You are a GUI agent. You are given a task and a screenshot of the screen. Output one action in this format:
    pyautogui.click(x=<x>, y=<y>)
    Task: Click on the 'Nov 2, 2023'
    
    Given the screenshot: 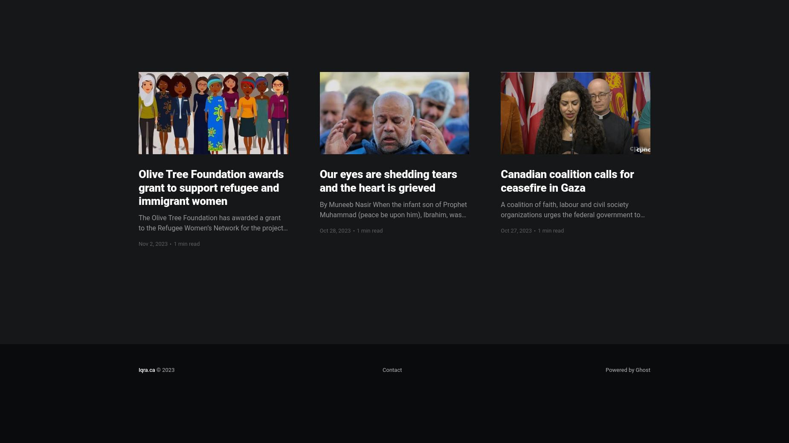 What is the action you would take?
    pyautogui.click(x=153, y=243)
    